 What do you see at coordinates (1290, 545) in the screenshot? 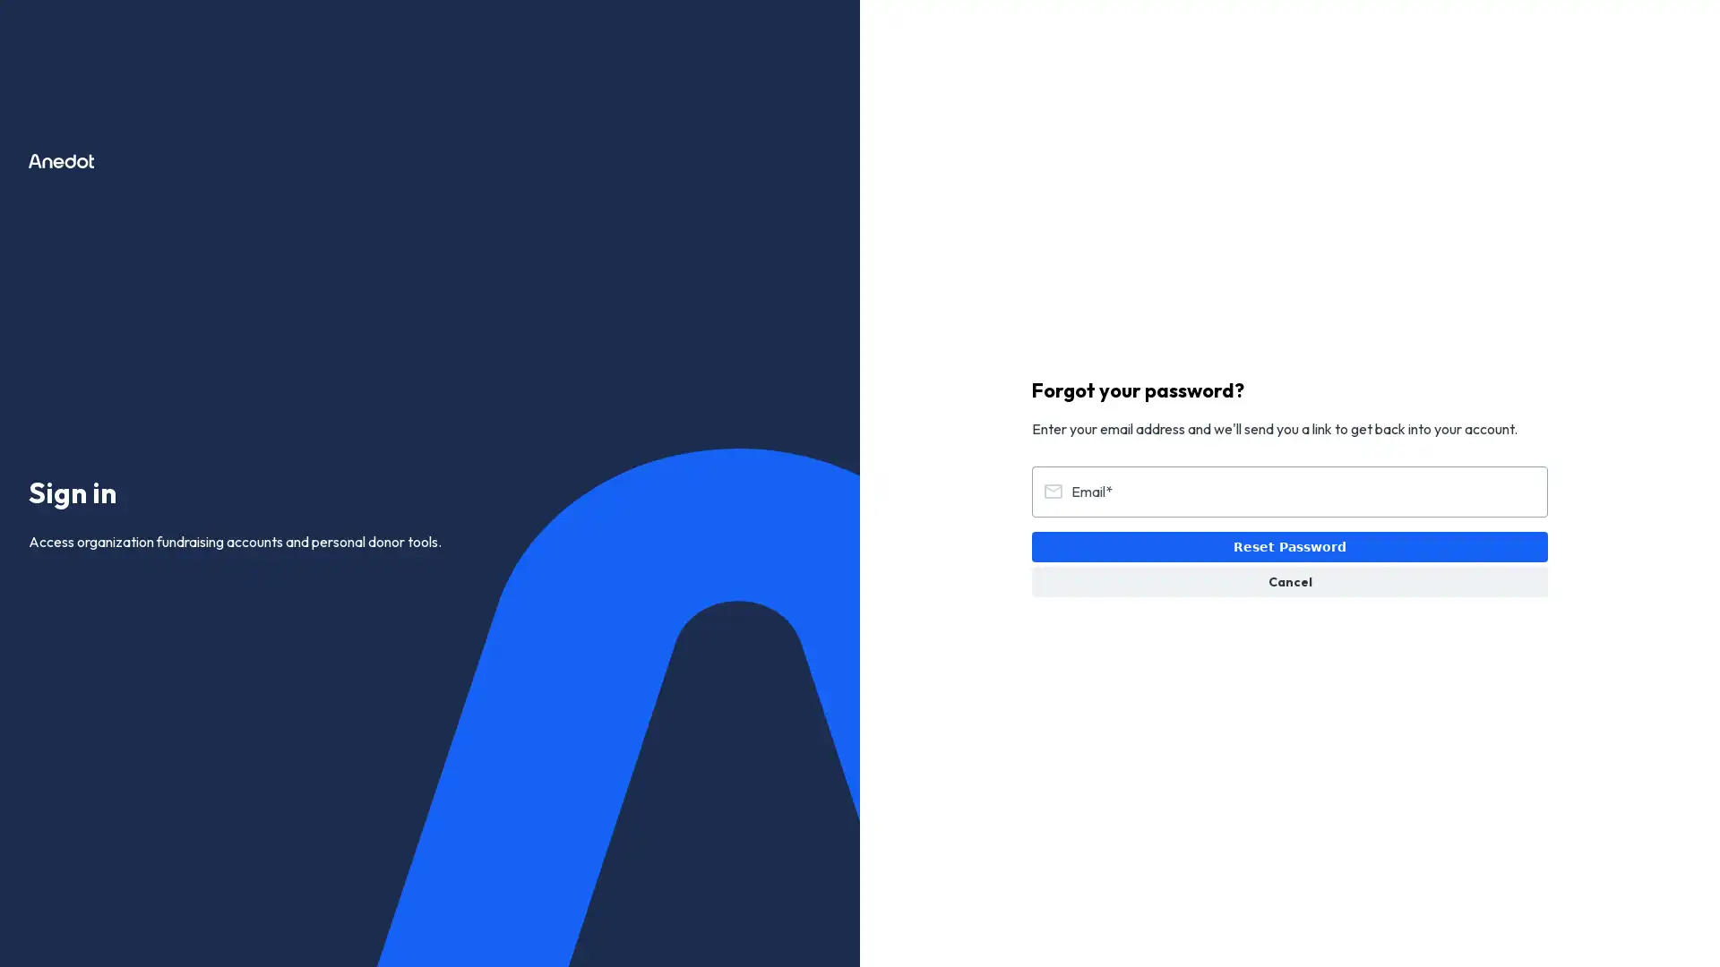
I see `Reset Password` at bounding box center [1290, 545].